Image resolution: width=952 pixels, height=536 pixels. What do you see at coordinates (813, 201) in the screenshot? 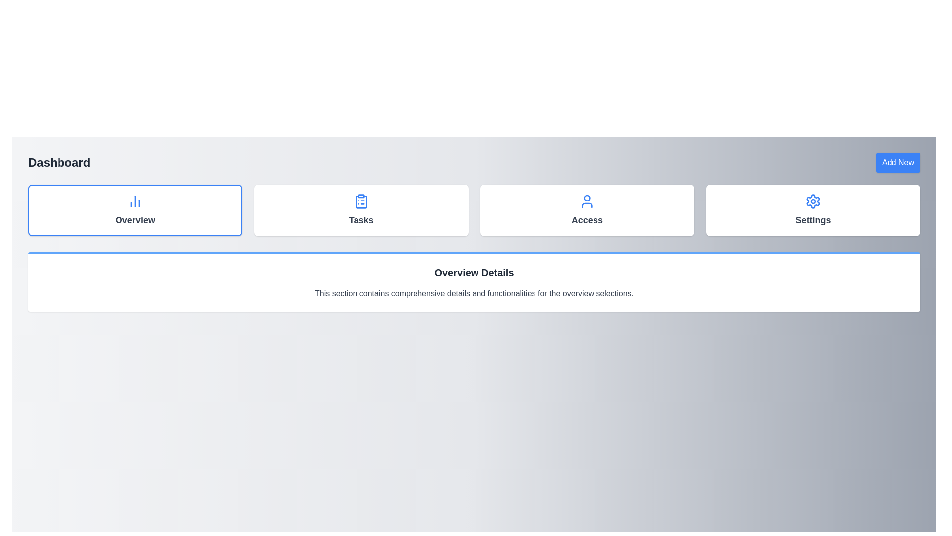
I see `the blue gear icon located at the bottom area of the 'Settings' card, which is the rightmost card in a row of four options` at bounding box center [813, 201].